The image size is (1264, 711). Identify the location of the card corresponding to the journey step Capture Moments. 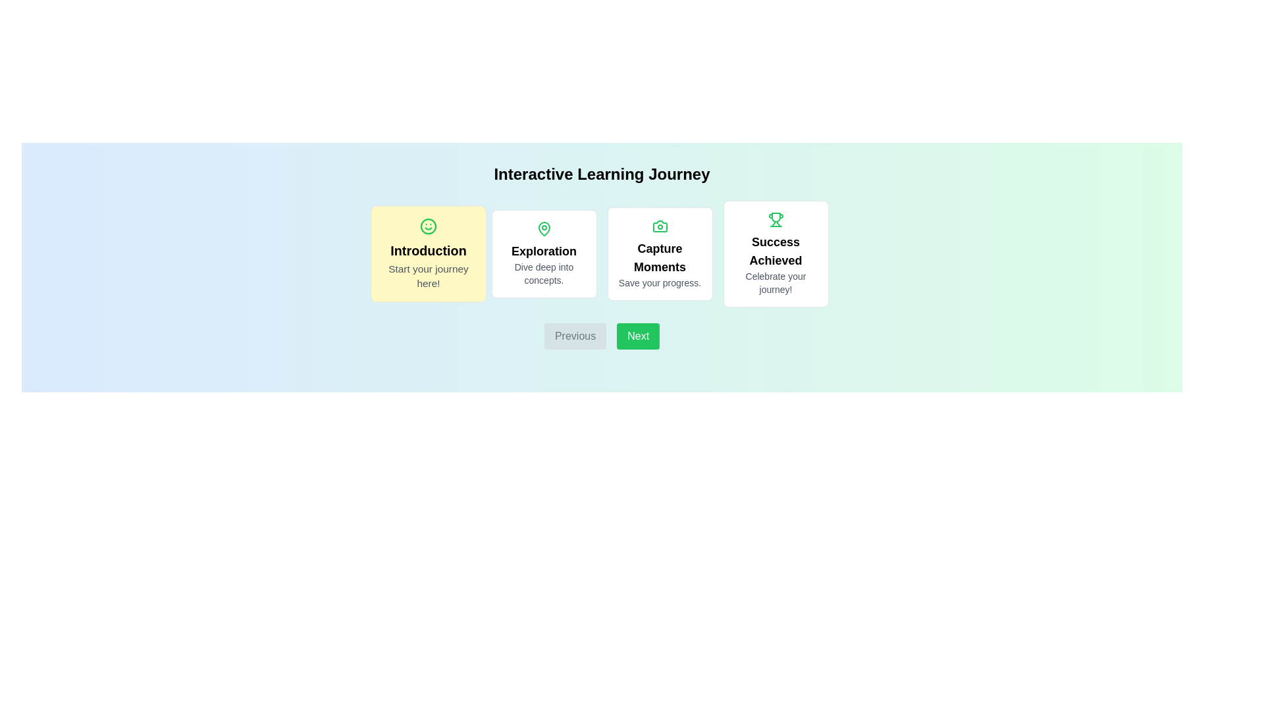
(660, 253).